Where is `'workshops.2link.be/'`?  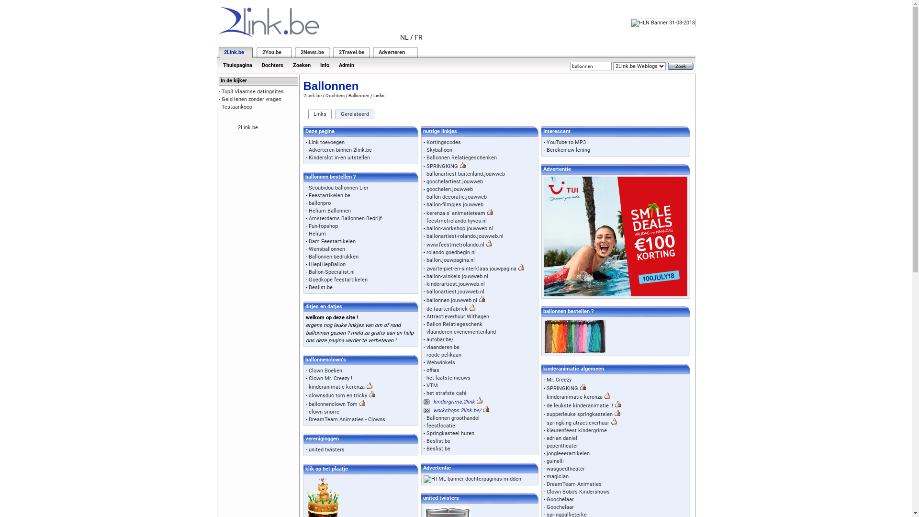 'workshops.2link.be/' is located at coordinates (457, 410).